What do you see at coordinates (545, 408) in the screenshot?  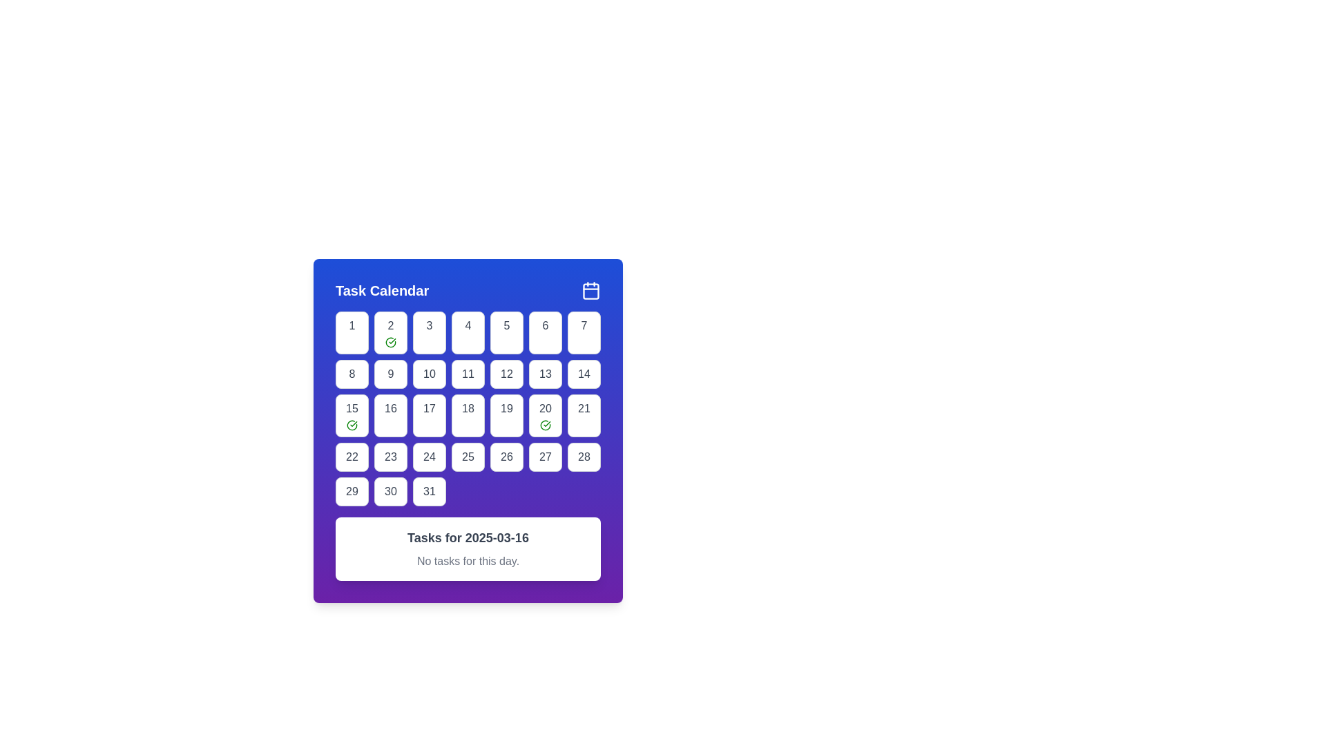 I see `the text label displaying the number '20' located in the sixth column of the third row of the calendar grid, which has a light background and a gray border` at bounding box center [545, 408].